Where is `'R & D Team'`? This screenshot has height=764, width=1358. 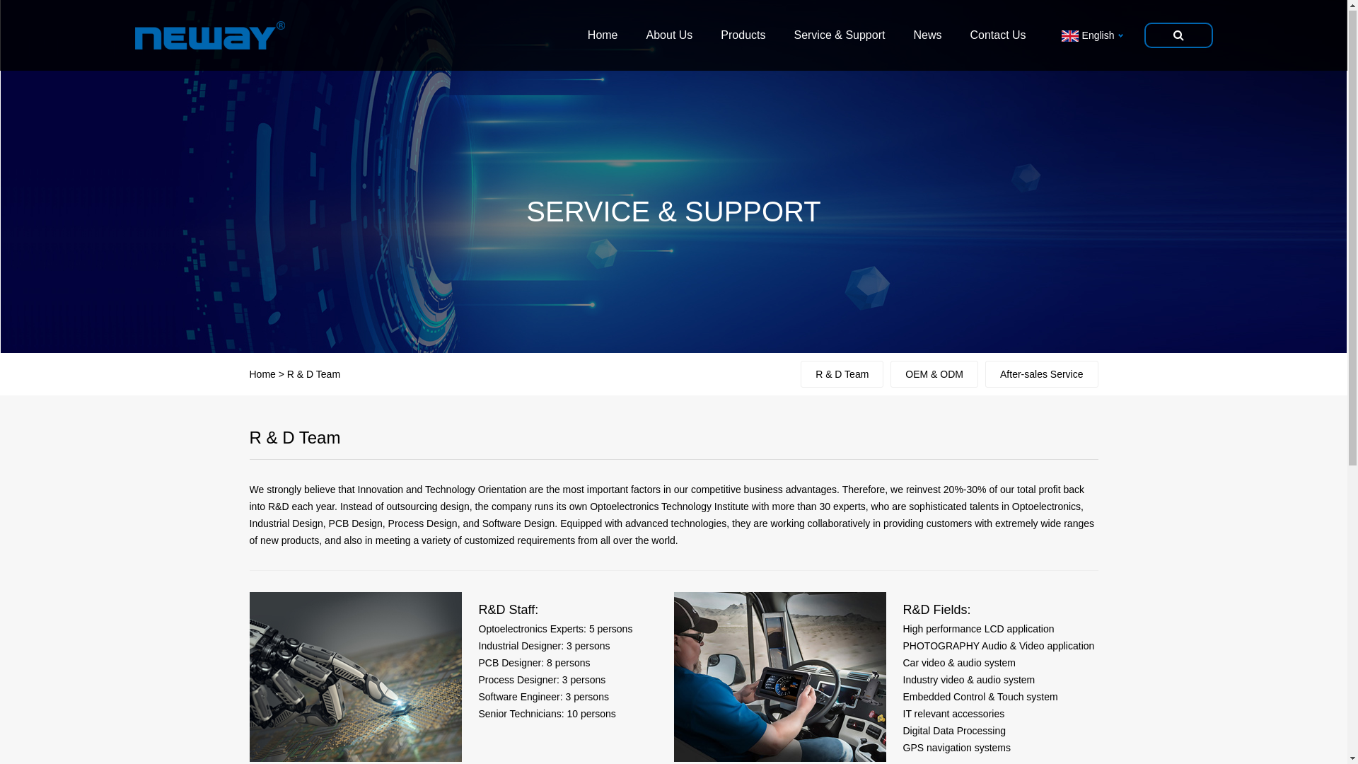 'R & D Team' is located at coordinates (313, 374).